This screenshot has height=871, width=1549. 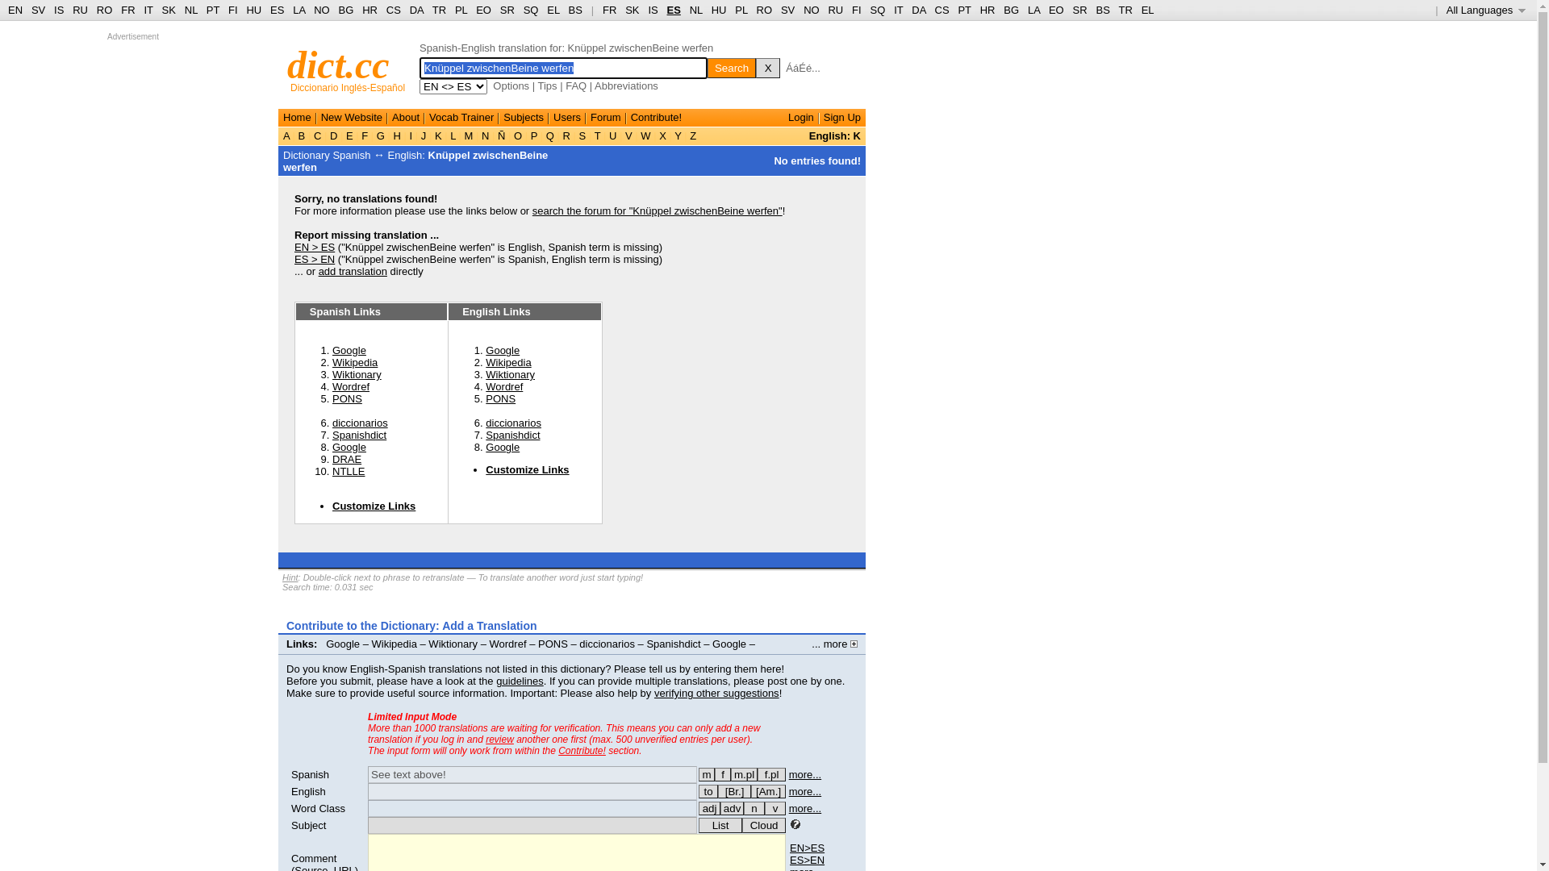 I want to click on 'more...', so click(x=805, y=773).